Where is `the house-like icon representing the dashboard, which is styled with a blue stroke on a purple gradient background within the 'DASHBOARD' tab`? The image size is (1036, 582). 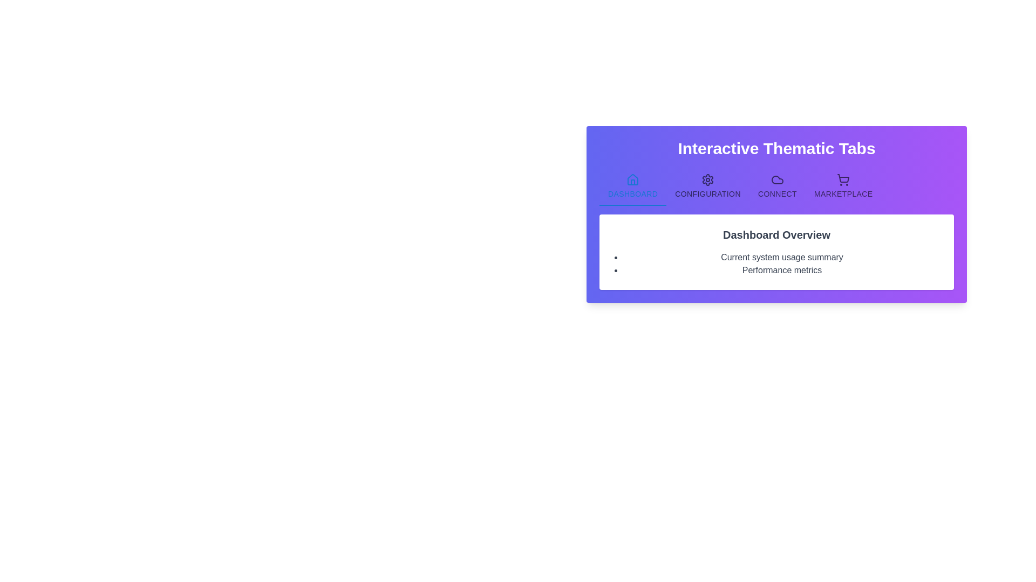 the house-like icon representing the dashboard, which is styled with a blue stroke on a purple gradient background within the 'DASHBOARD' tab is located at coordinates (633, 179).